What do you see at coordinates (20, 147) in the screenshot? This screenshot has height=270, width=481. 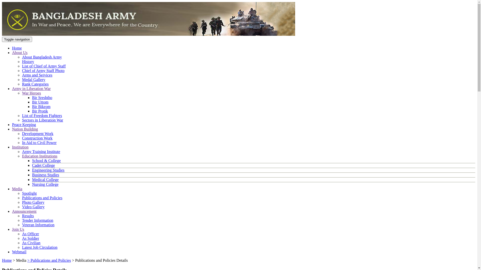 I see `'Institution'` at bounding box center [20, 147].